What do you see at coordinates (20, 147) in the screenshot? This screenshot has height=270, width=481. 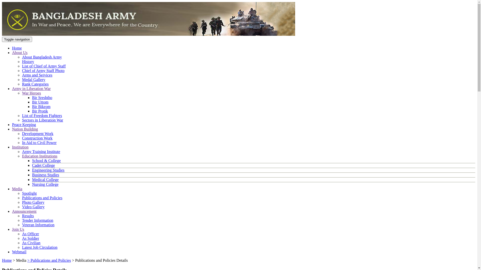 I see `'Institution'` at bounding box center [20, 147].